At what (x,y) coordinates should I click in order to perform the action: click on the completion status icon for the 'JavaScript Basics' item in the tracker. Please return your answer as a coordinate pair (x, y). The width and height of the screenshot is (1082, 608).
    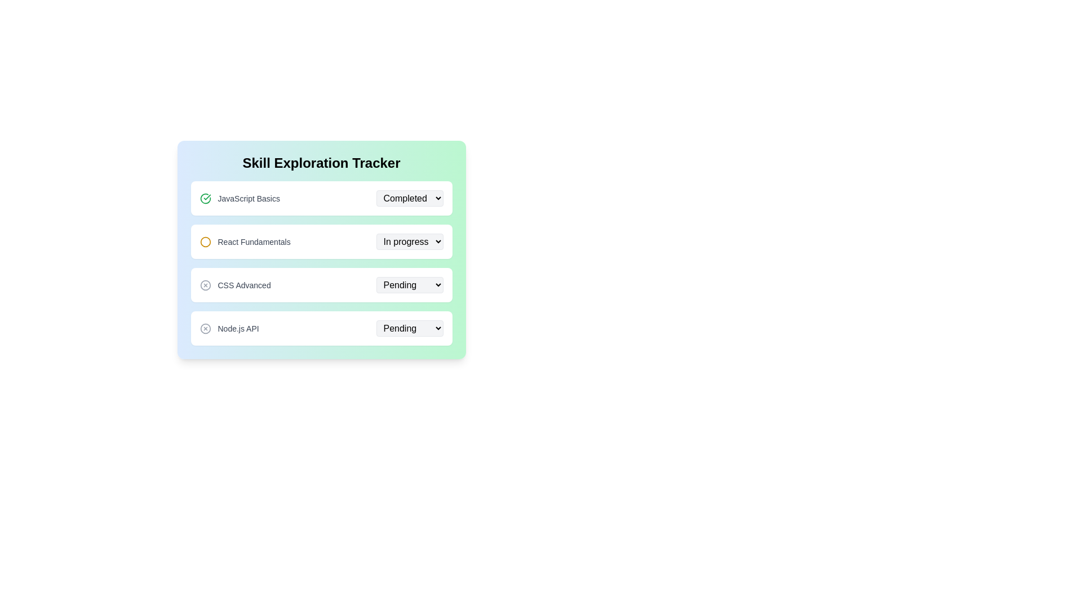
    Looking at the image, I should click on (205, 198).